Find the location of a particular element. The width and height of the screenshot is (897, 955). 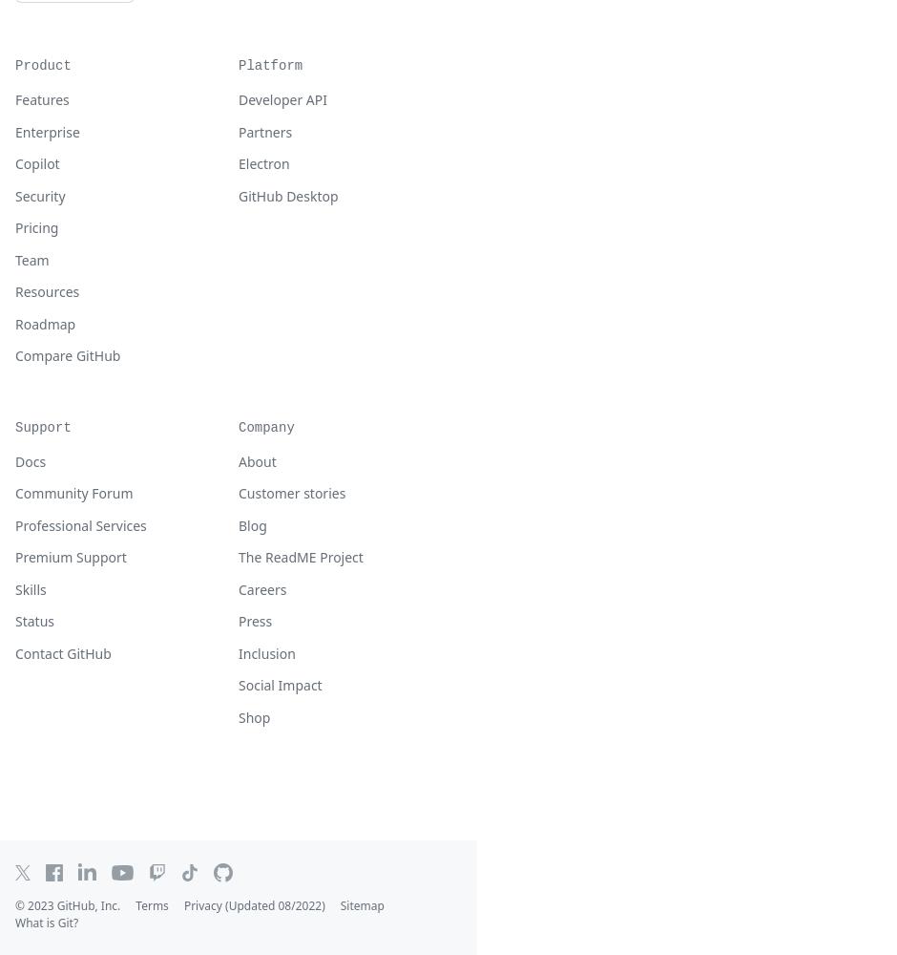

')' is located at coordinates (323, 904).